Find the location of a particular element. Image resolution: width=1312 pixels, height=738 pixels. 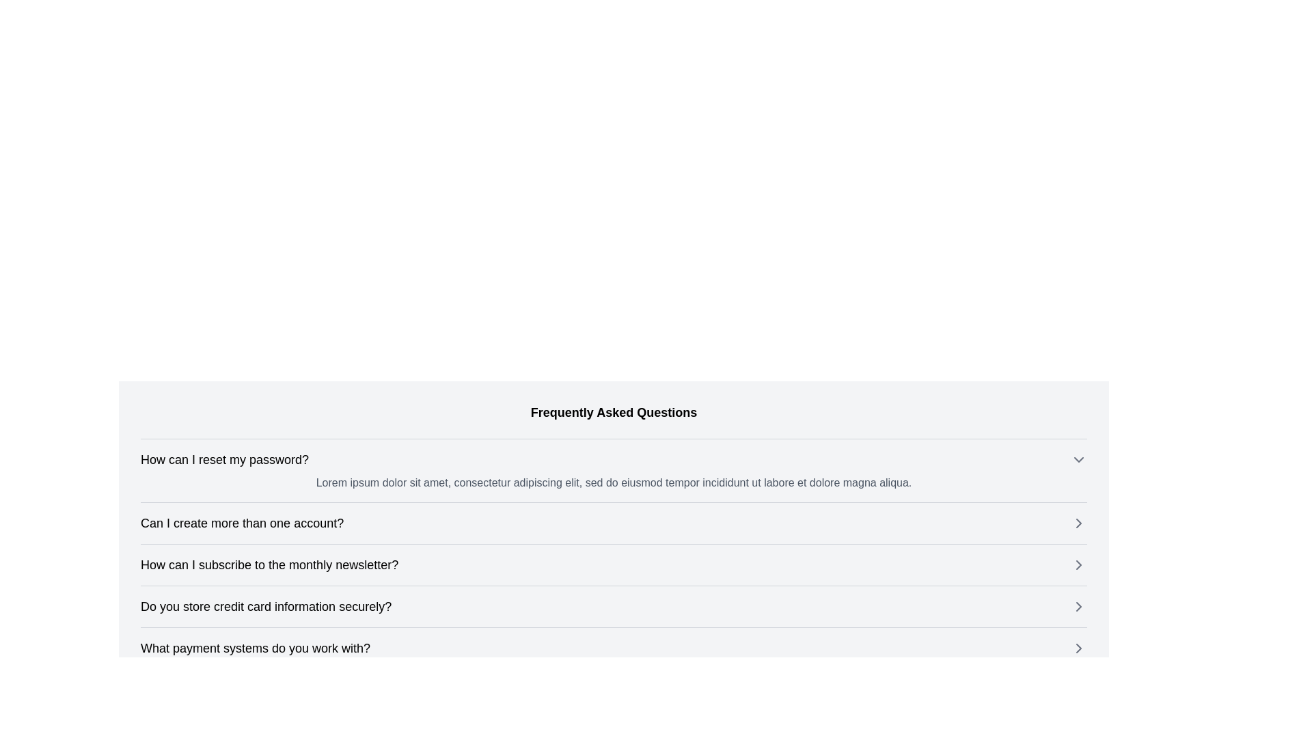

the chevron icon located at the far right of the last row in the list of frequently asked questions, which indicates navigation or expandable content related to the question 'What payment systems do you work with?' is located at coordinates (1078, 647).